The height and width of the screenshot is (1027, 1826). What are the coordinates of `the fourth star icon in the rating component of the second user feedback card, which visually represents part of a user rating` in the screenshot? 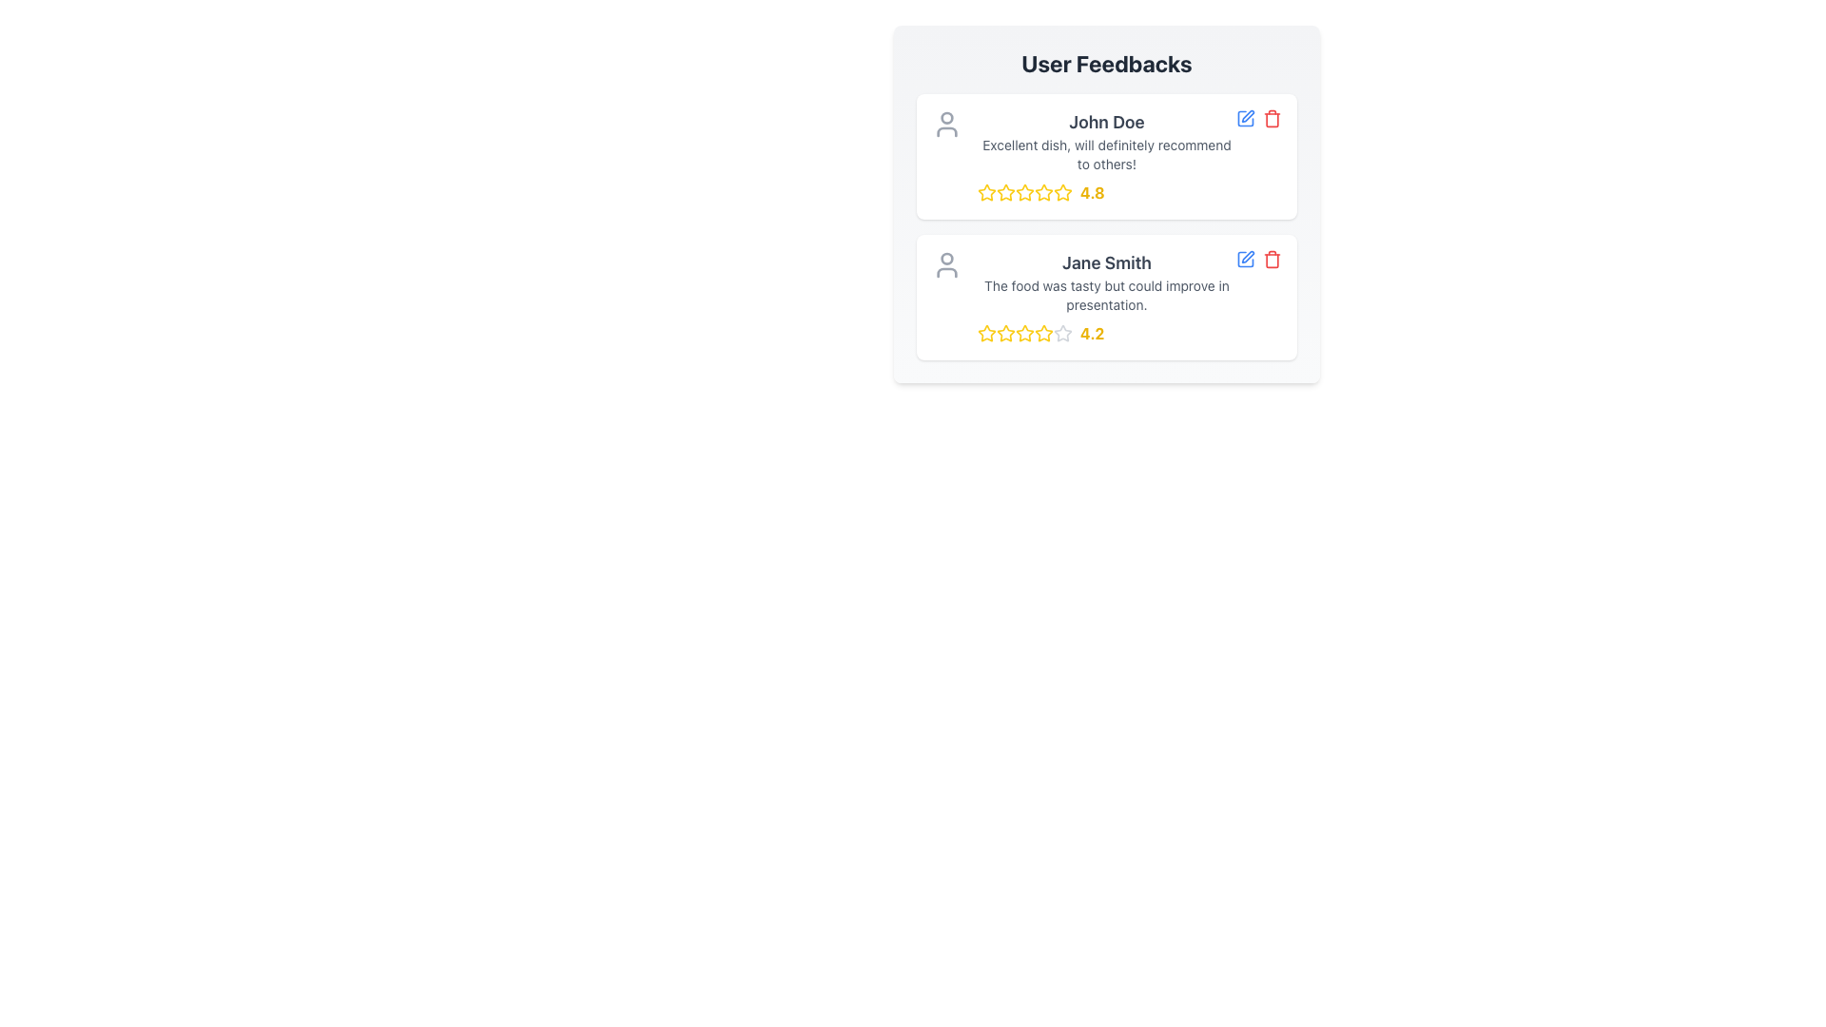 It's located at (1062, 332).